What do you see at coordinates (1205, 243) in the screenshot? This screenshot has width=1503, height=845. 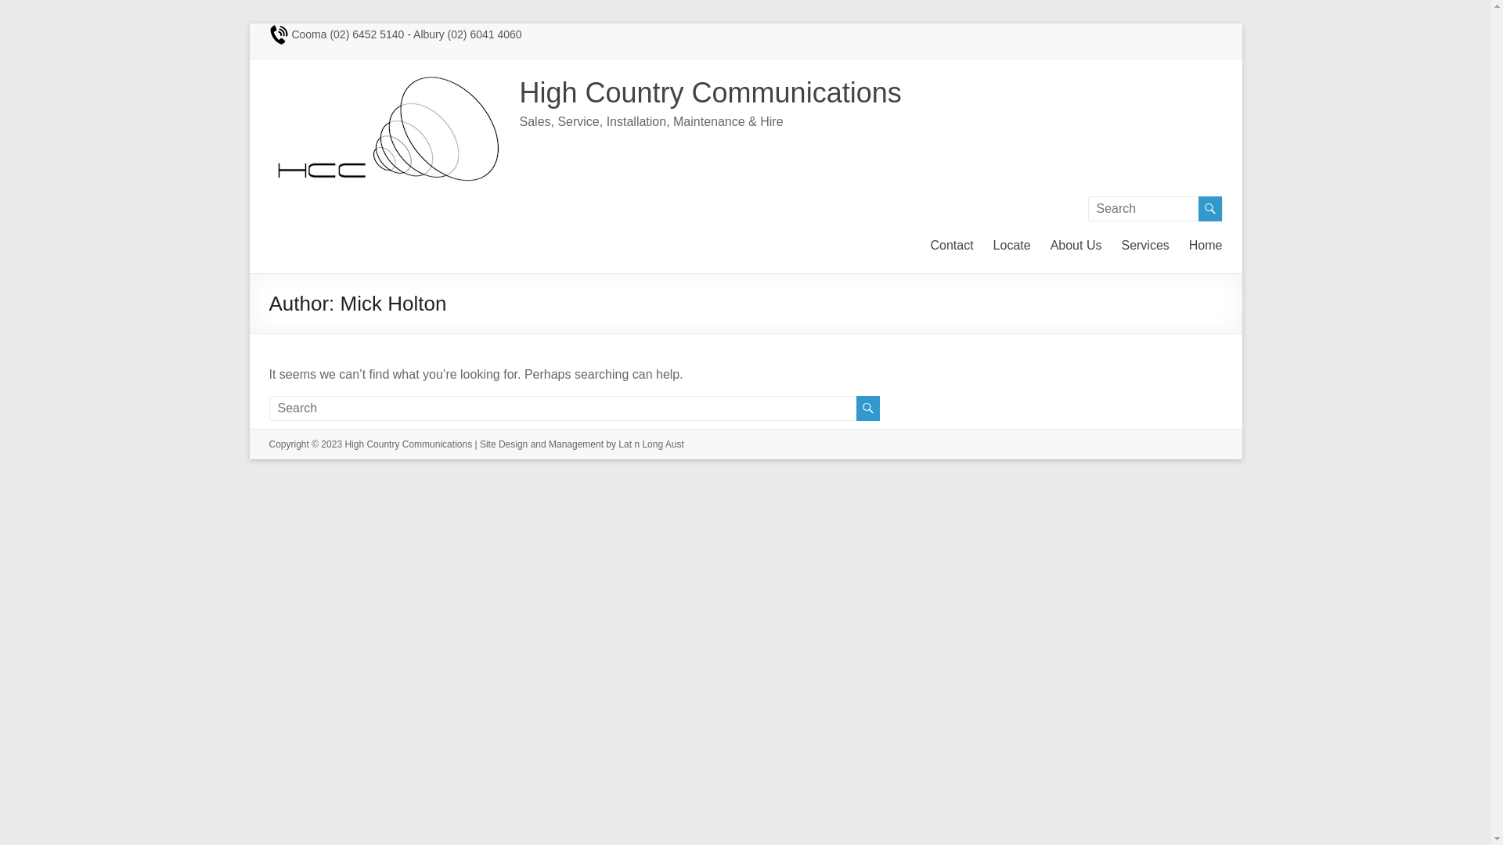 I see `'Home'` at bounding box center [1205, 243].